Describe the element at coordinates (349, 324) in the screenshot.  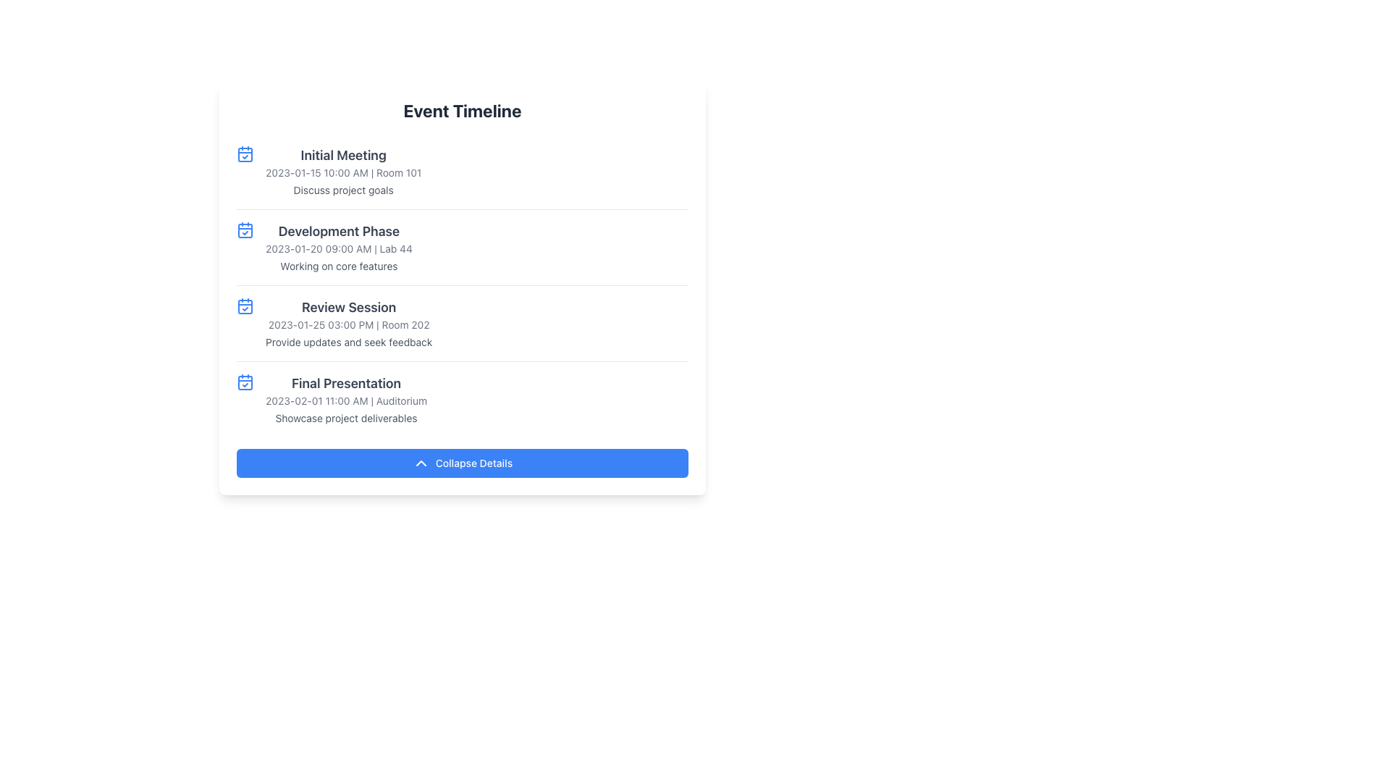
I see `the static label displaying the date and time along with the room number of an event, which reads: '2023-01-25 03:00 PM | Room 202'. This label is positioned below the event title 'Review Session'` at that location.